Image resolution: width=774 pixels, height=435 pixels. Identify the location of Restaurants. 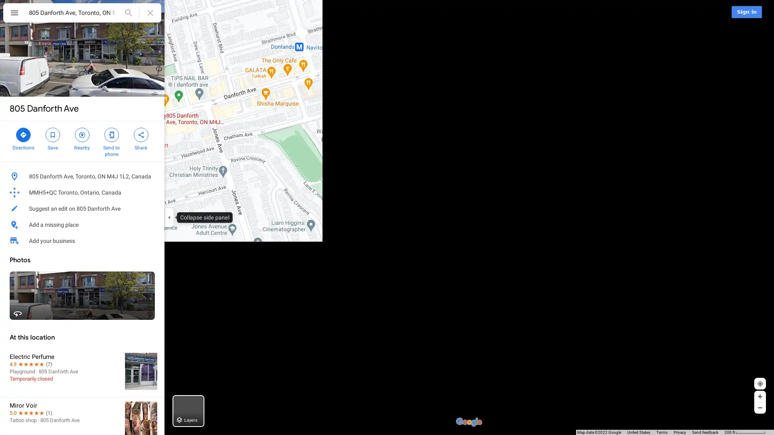
(191, 12).